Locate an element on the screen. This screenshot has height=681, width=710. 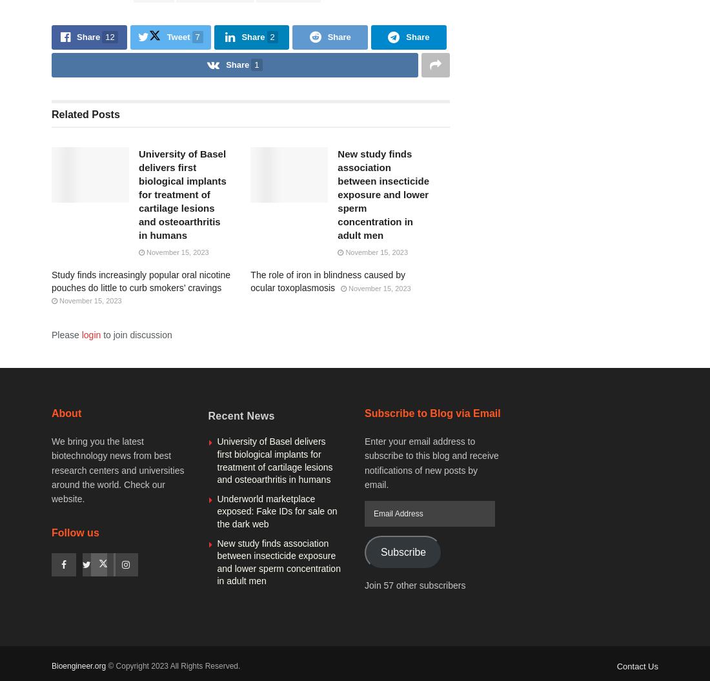
'1' is located at coordinates (256, 63).